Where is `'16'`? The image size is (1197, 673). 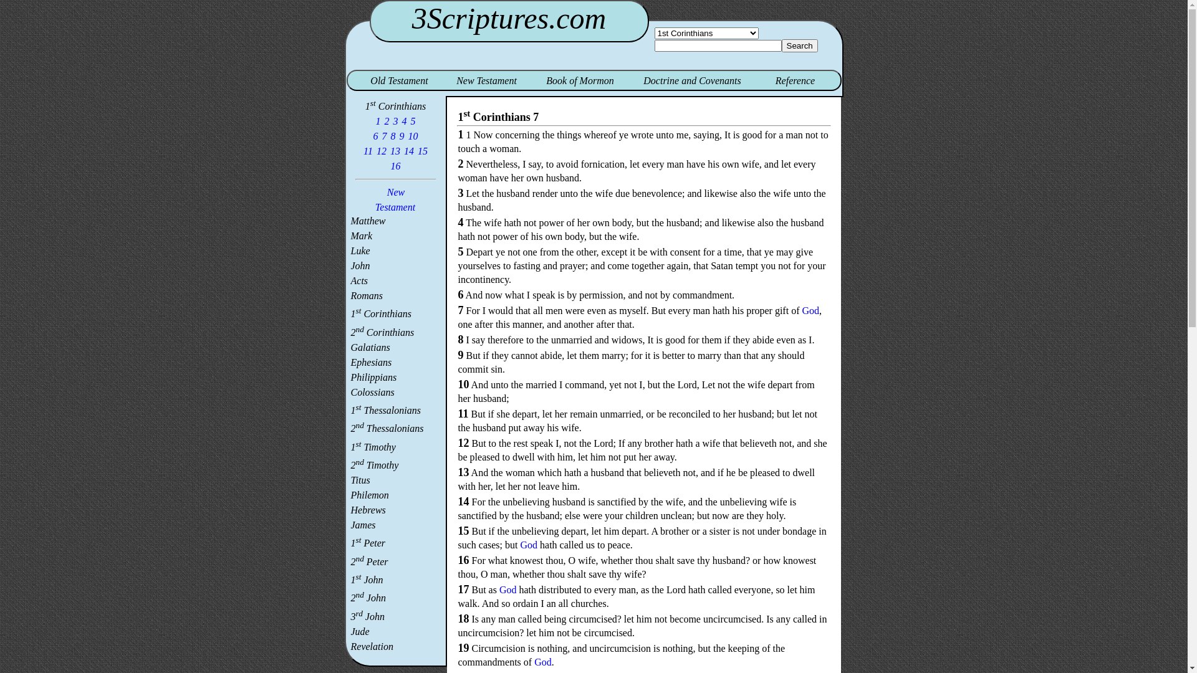 '16' is located at coordinates (395, 165).